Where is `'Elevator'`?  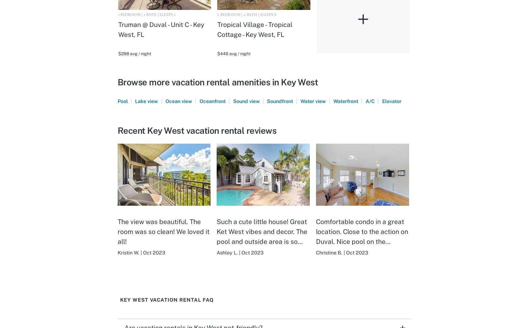
'Elevator' is located at coordinates (381, 101).